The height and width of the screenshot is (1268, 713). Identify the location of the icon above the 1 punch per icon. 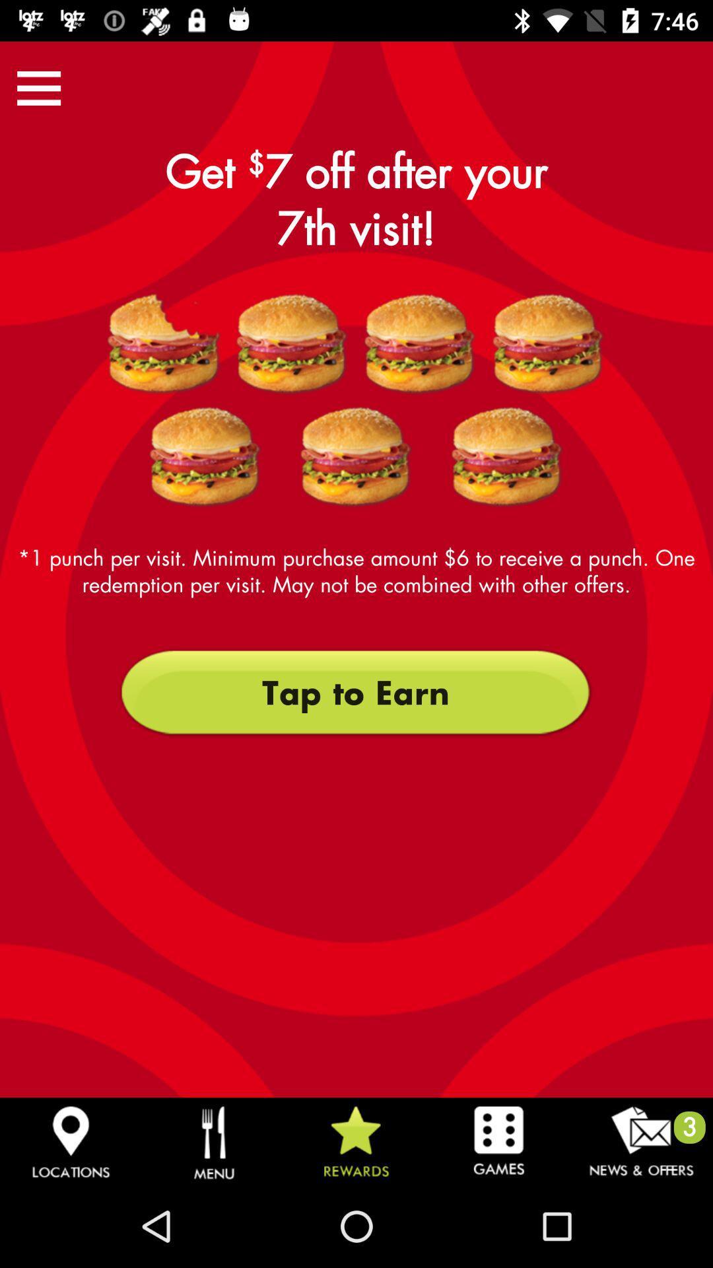
(38, 87).